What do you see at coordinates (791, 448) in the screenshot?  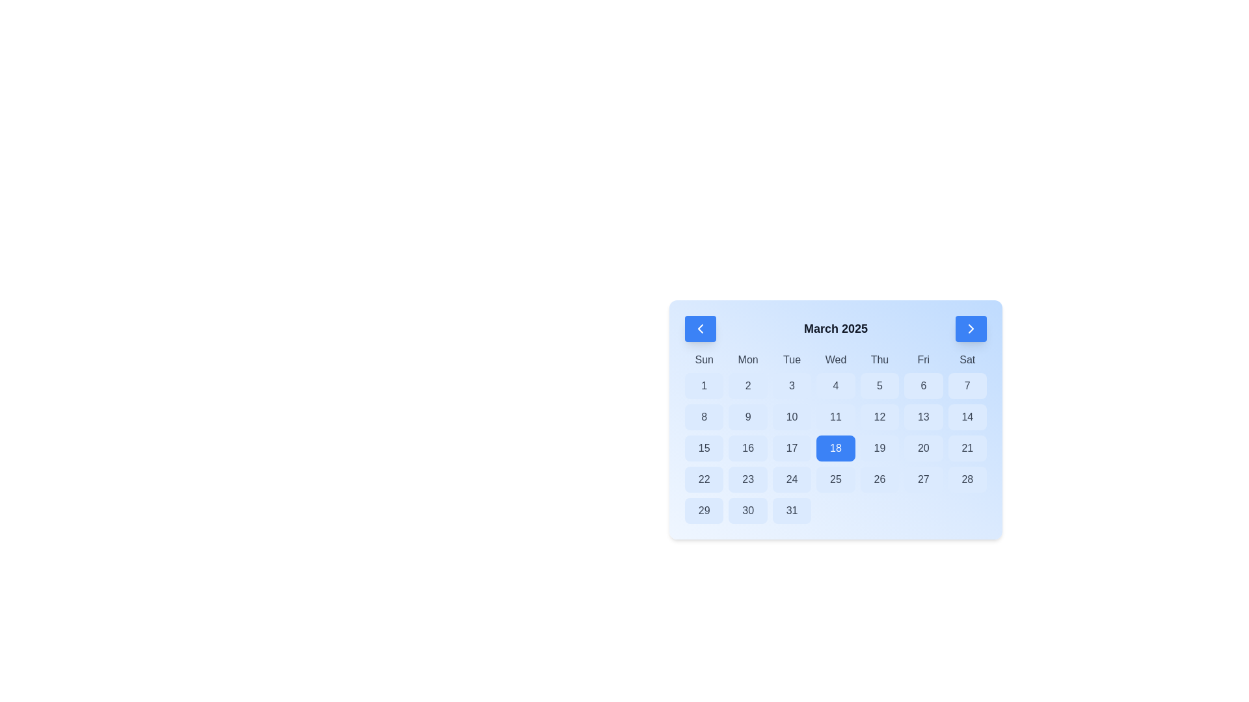 I see `the light blue button labeled '17' located in the fifth row and third column of the calendar grid` at bounding box center [791, 448].